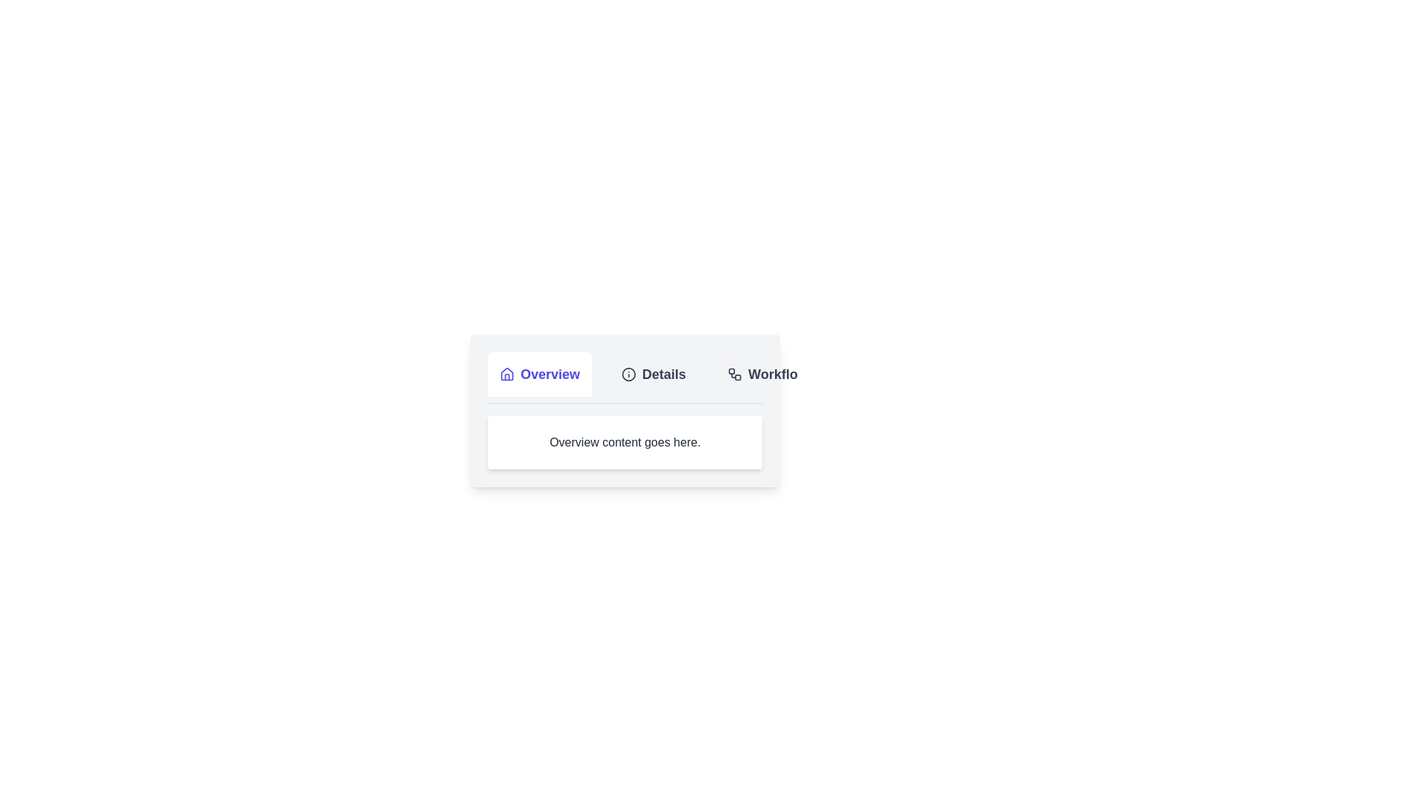 The height and width of the screenshot is (801, 1424). Describe the element at coordinates (735, 374) in the screenshot. I see `the workflow diagram icon, which is a small monochrome icon with interconnected rectangular nodes located to the right of the 'Details' icon and text entry` at that location.